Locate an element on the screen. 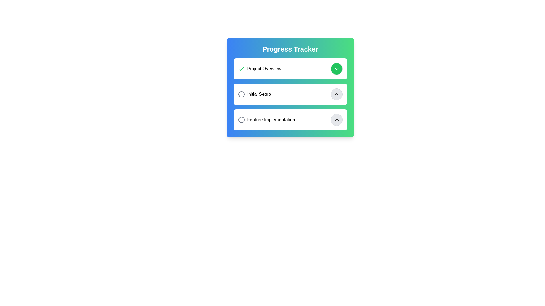 The height and width of the screenshot is (306, 545). the circular button with a light gray background and a black upward-pointing chevron icon at its center, located to the far right of the 'Initial Setup' text is located at coordinates (336, 94).